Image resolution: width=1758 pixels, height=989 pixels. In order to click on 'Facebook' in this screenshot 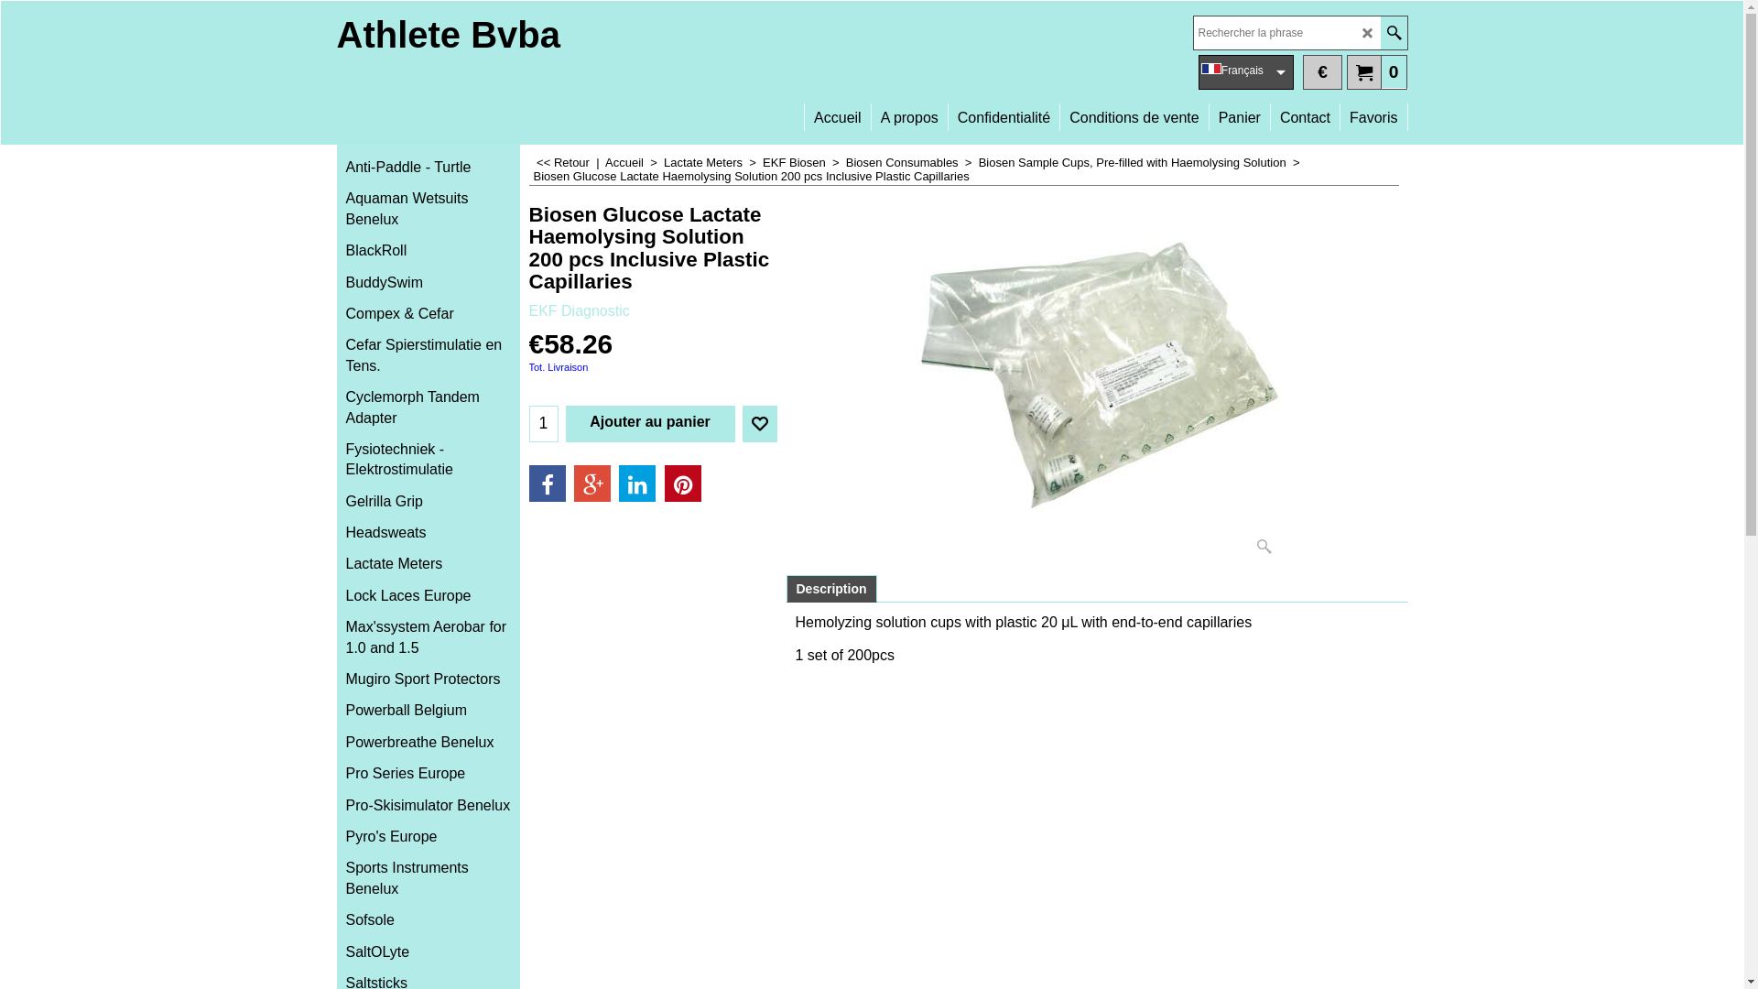, I will do `click(527, 483)`.